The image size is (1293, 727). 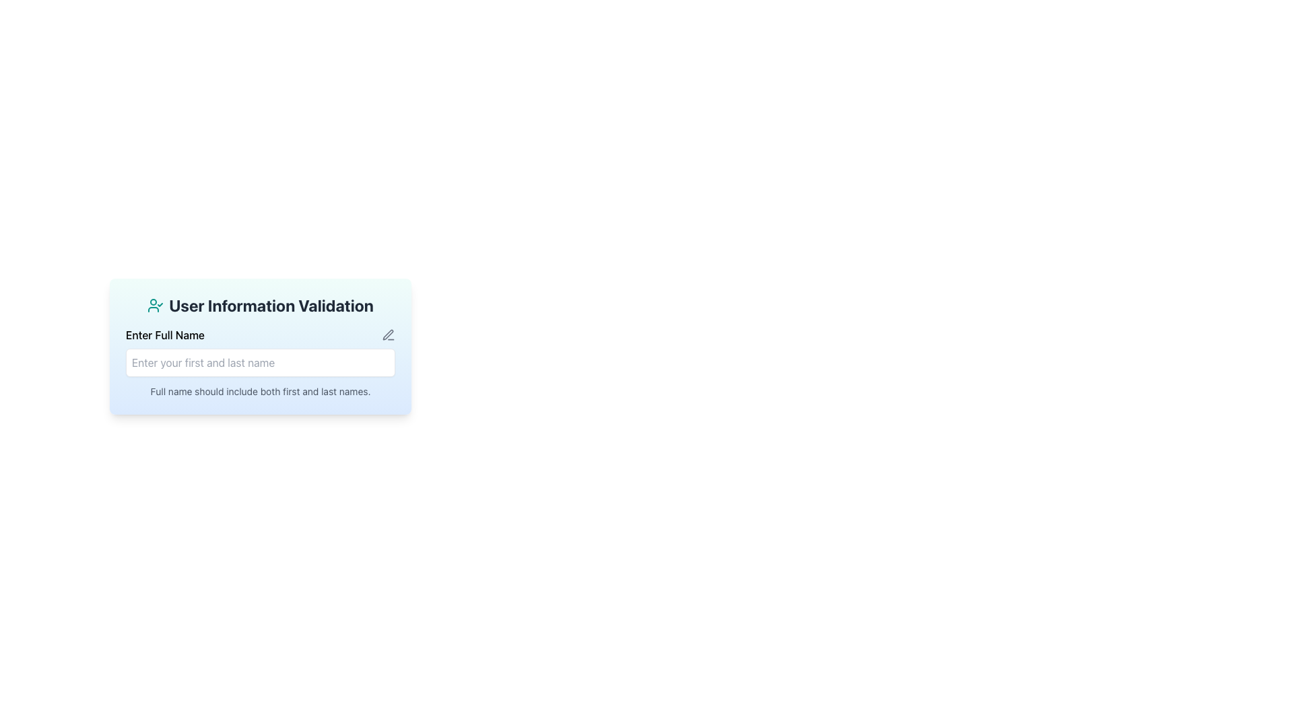 What do you see at coordinates (156, 306) in the screenshot?
I see `the user avatar icon with a teal color and checkmark, which indicates a validated user, located next to the 'User Information Validation' header` at bounding box center [156, 306].